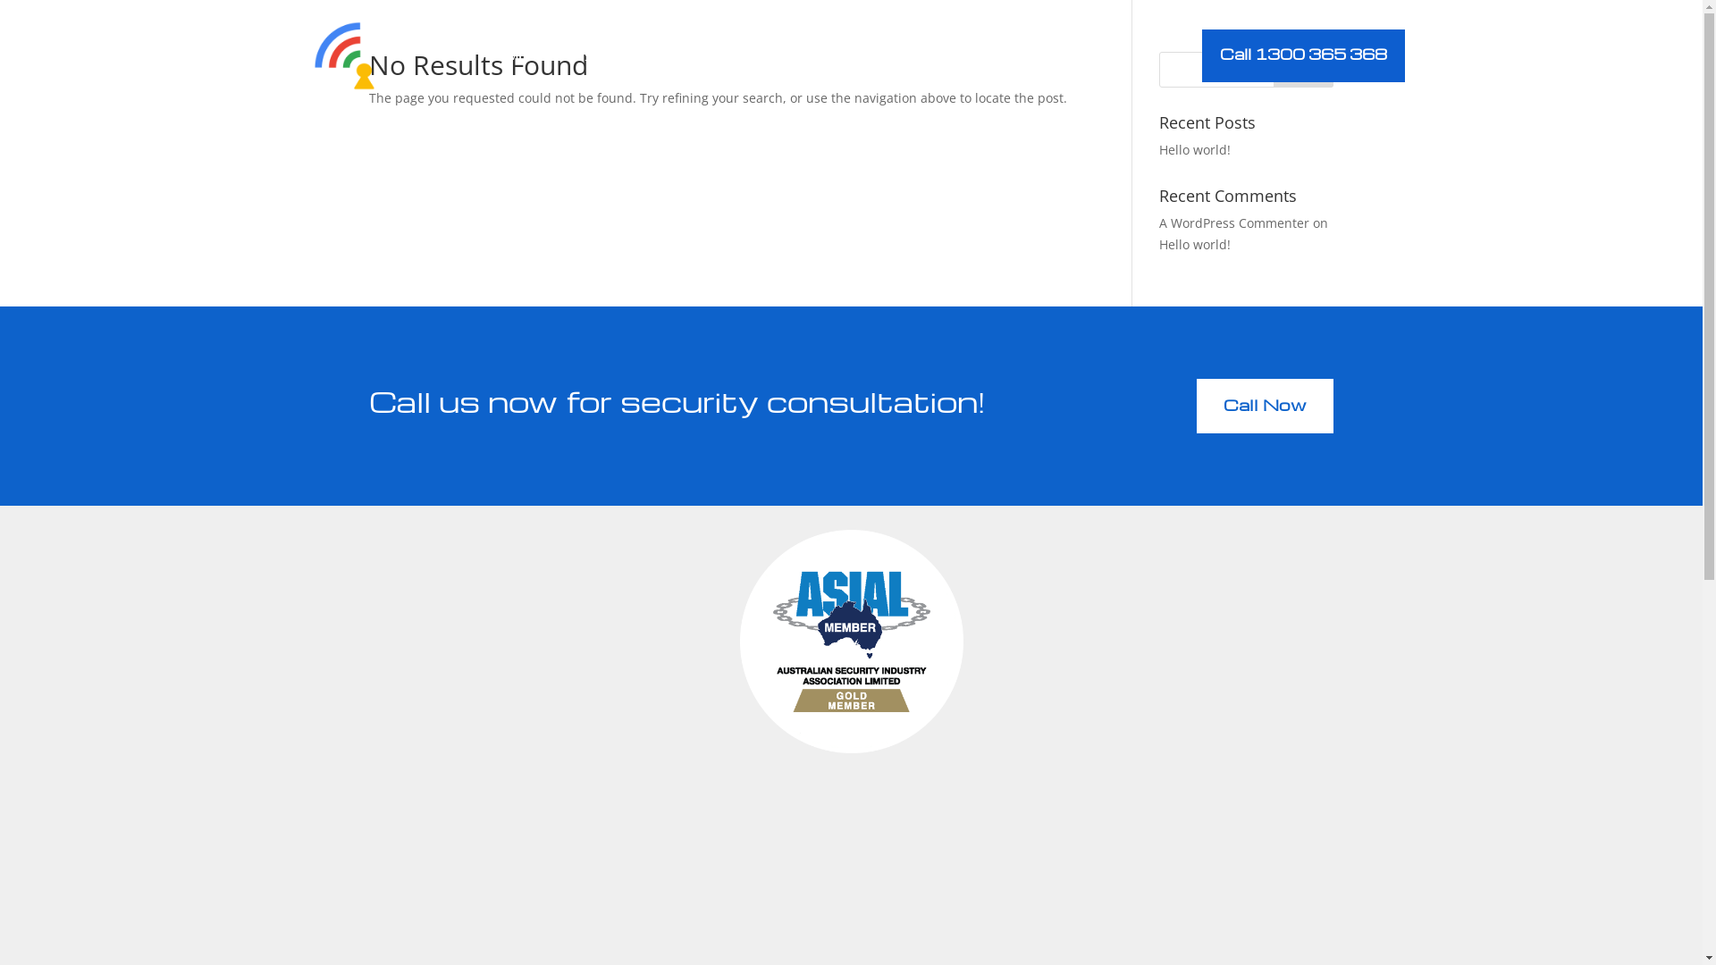 The width and height of the screenshot is (1716, 965). What do you see at coordinates (1264, 406) in the screenshot?
I see `'Call Now'` at bounding box center [1264, 406].